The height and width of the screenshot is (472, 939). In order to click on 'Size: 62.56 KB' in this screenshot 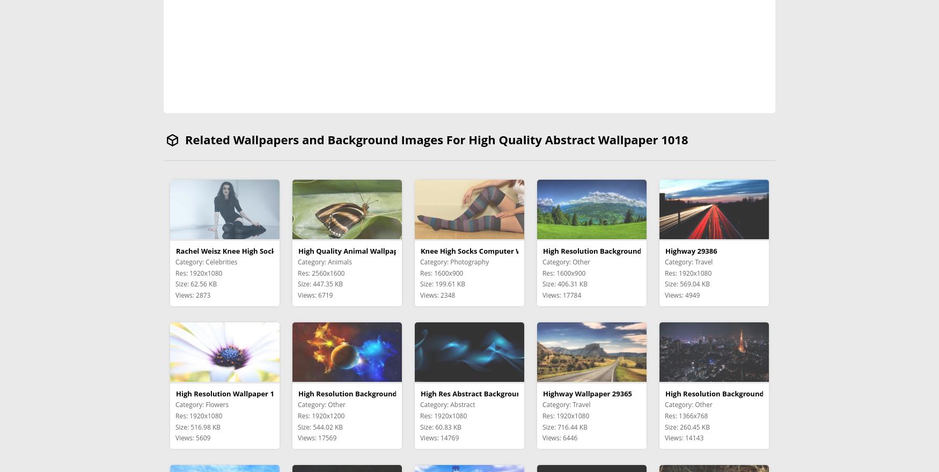, I will do `click(196, 283)`.